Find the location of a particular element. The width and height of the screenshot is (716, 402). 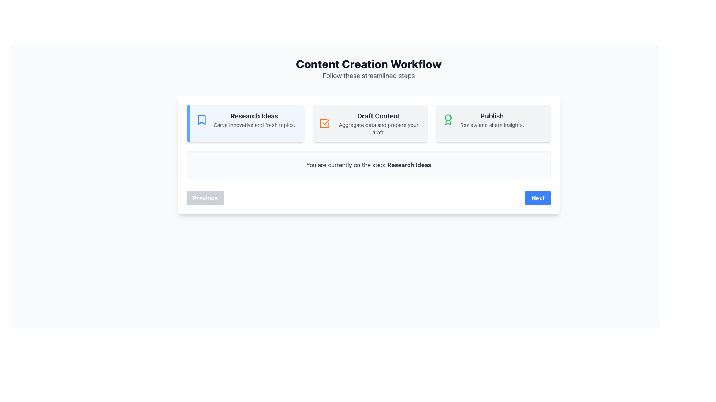

the 'Publish' text label located in the upper-right corner of the main content area within a card is located at coordinates (492, 116).